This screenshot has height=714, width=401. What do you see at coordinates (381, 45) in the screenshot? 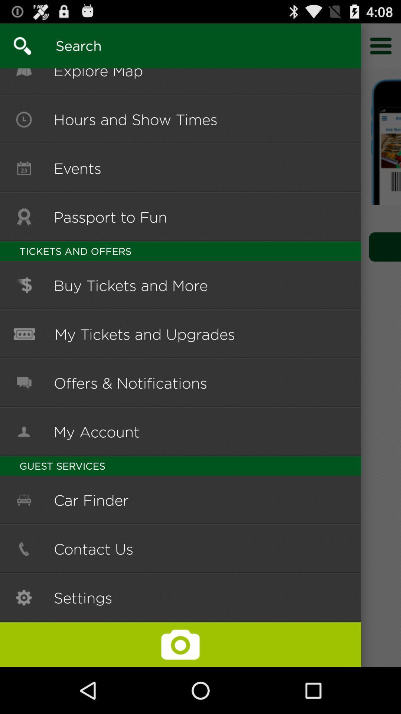
I see `explore to menu` at bounding box center [381, 45].